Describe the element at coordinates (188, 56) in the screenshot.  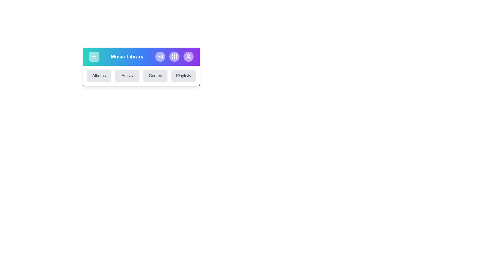
I see `the User icon in the navigation bar` at that location.